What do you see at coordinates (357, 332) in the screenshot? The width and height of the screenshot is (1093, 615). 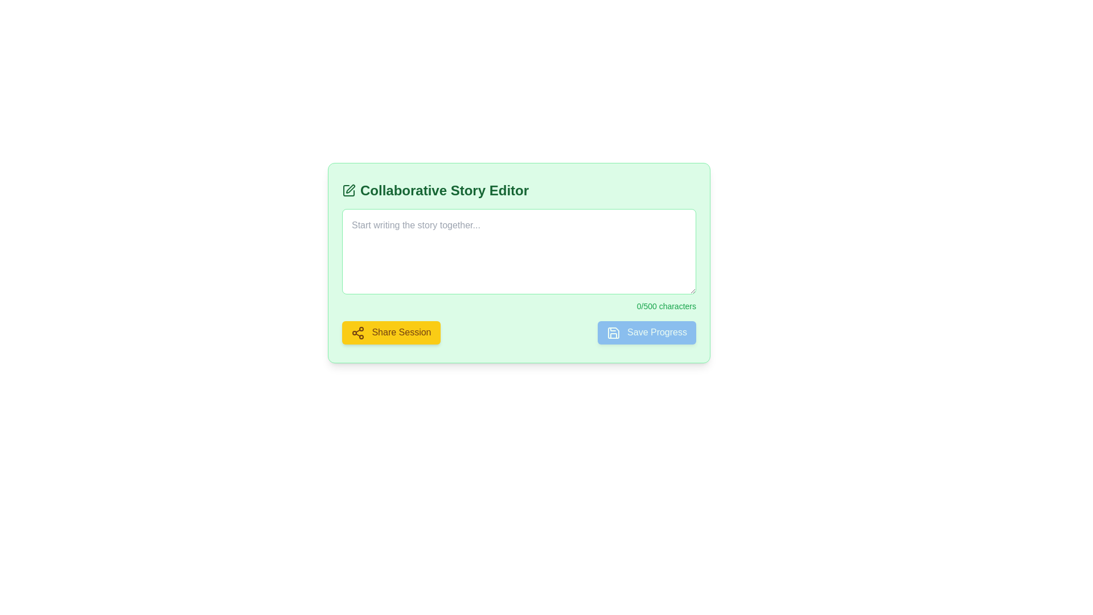 I see `the 'Share Session' icon located on the left side of the 'Share Session' button, within the yellow background, to use it as a visual indicator for sharing` at bounding box center [357, 332].